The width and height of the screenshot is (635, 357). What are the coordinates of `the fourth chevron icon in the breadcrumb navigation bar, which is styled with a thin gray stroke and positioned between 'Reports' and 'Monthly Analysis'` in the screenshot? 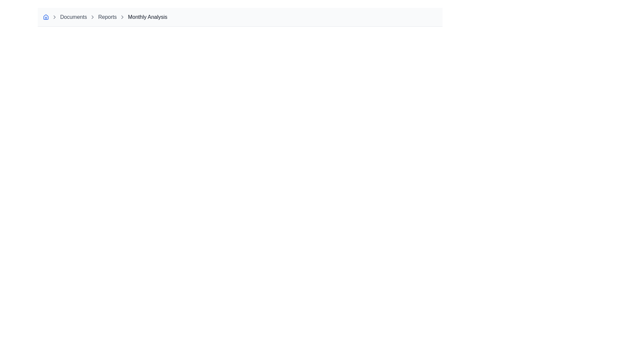 It's located at (122, 17).